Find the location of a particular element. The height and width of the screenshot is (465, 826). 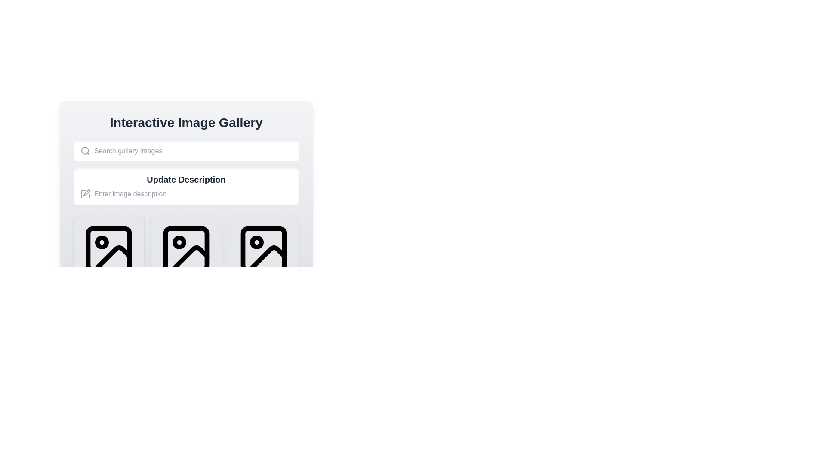

the search icon located to the immediate left of the text input field for entering search queries in the gallery is located at coordinates (85, 151).